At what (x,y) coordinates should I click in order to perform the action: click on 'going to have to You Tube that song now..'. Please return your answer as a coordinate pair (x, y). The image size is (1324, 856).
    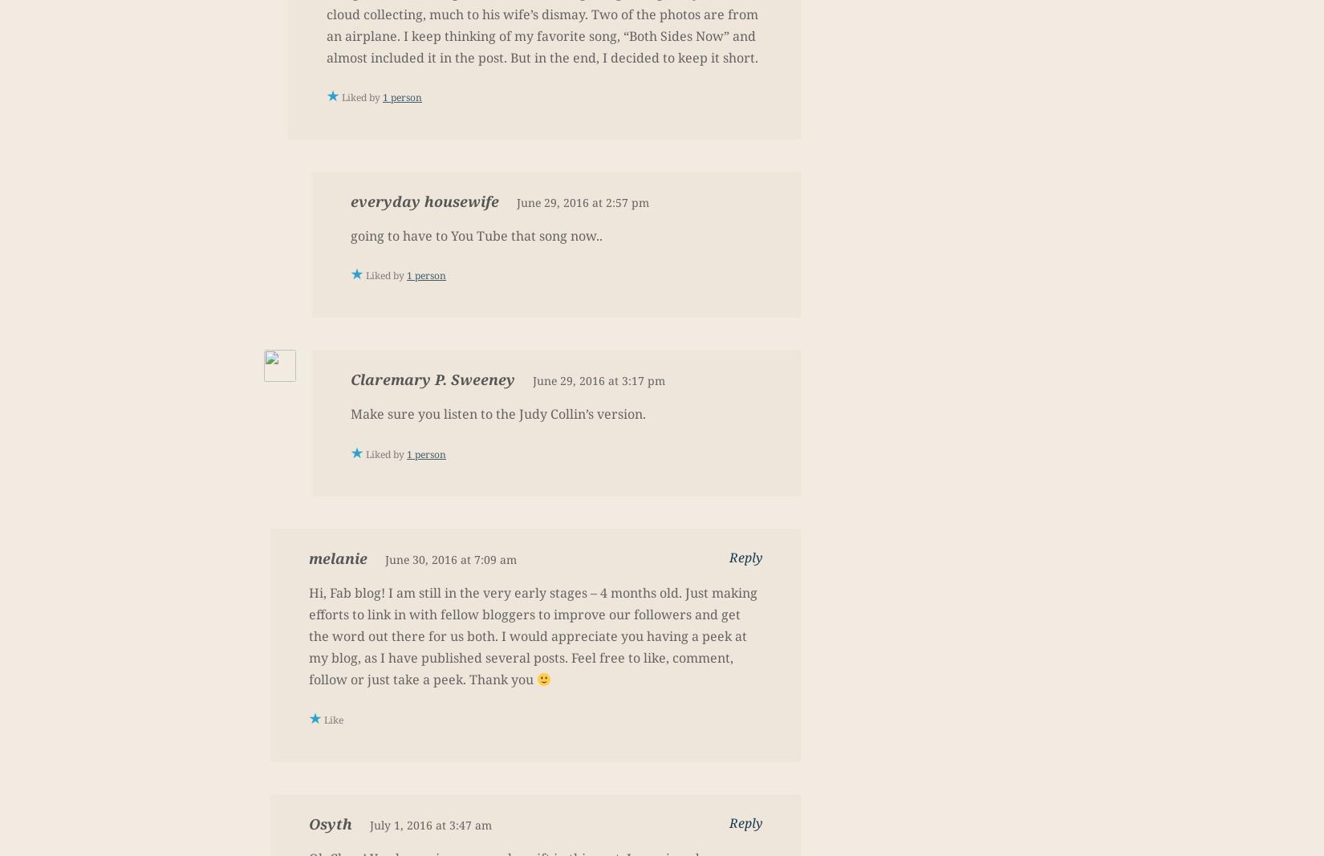
    Looking at the image, I should click on (476, 235).